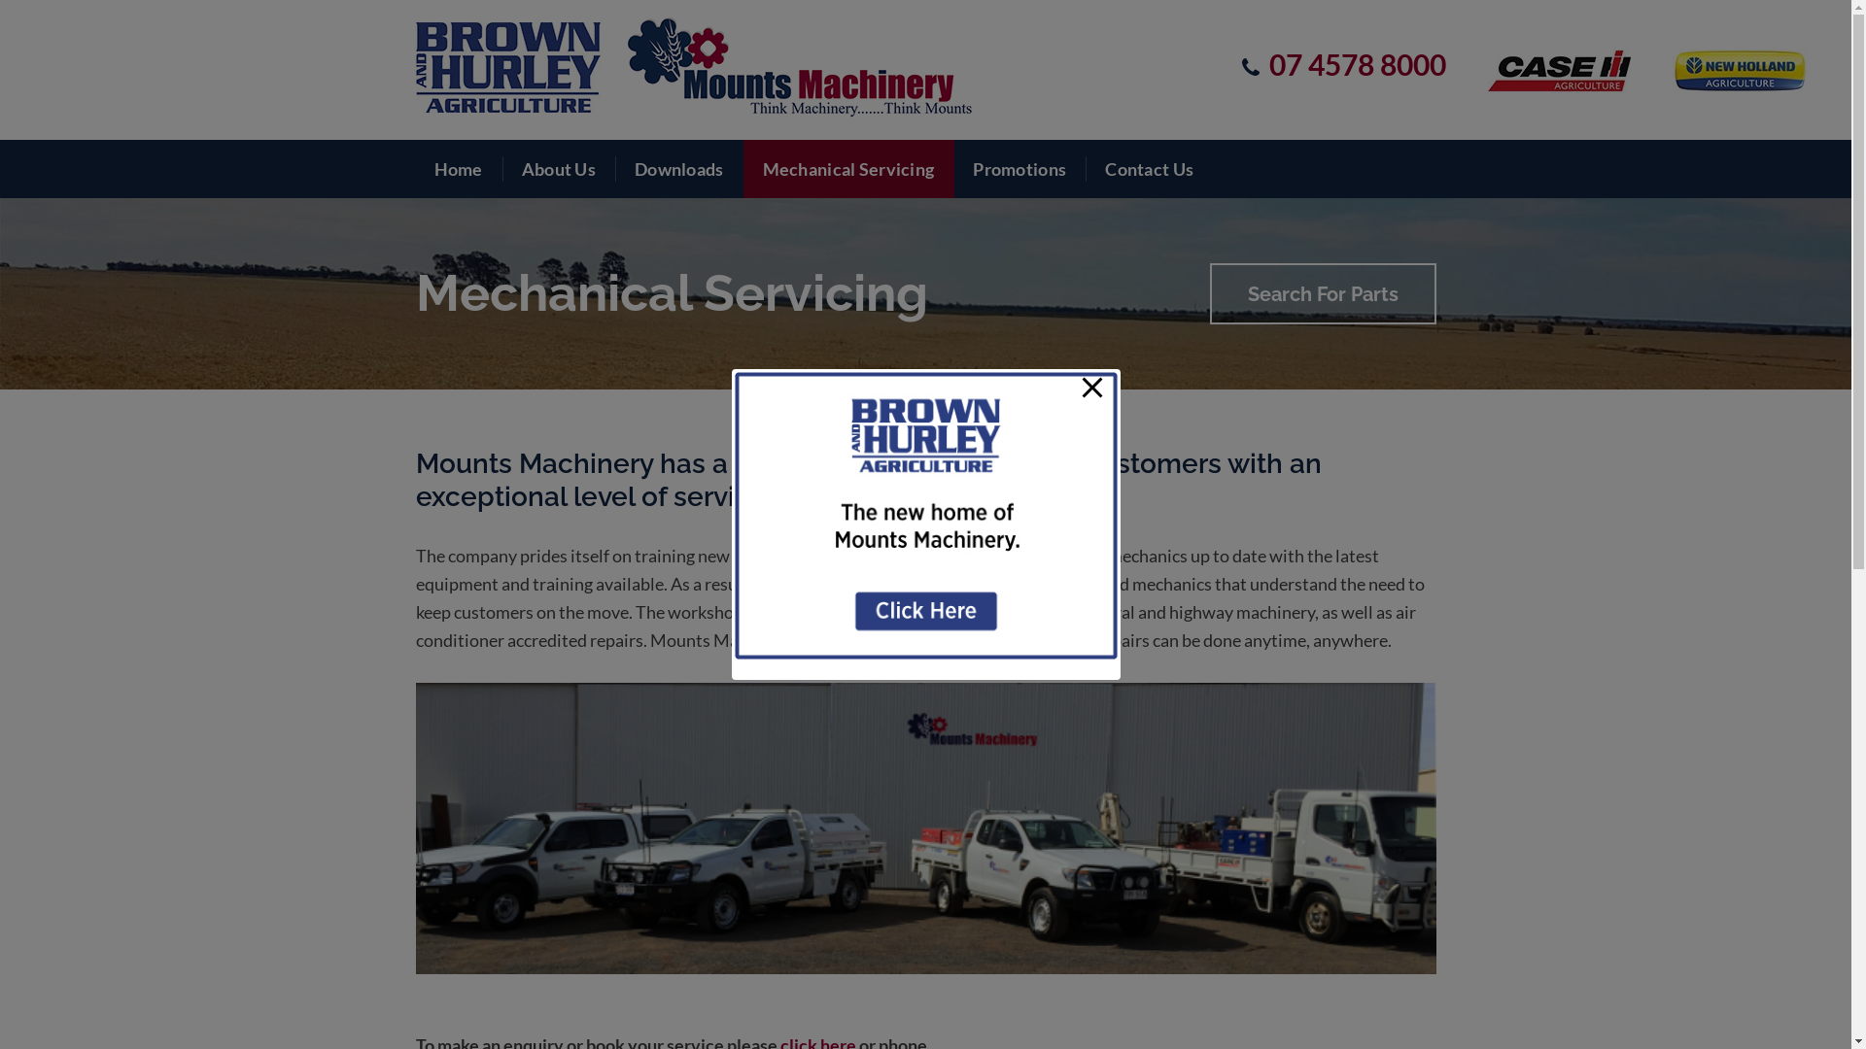  What do you see at coordinates (1322, 293) in the screenshot?
I see `'Search For Parts'` at bounding box center [1322, 293].